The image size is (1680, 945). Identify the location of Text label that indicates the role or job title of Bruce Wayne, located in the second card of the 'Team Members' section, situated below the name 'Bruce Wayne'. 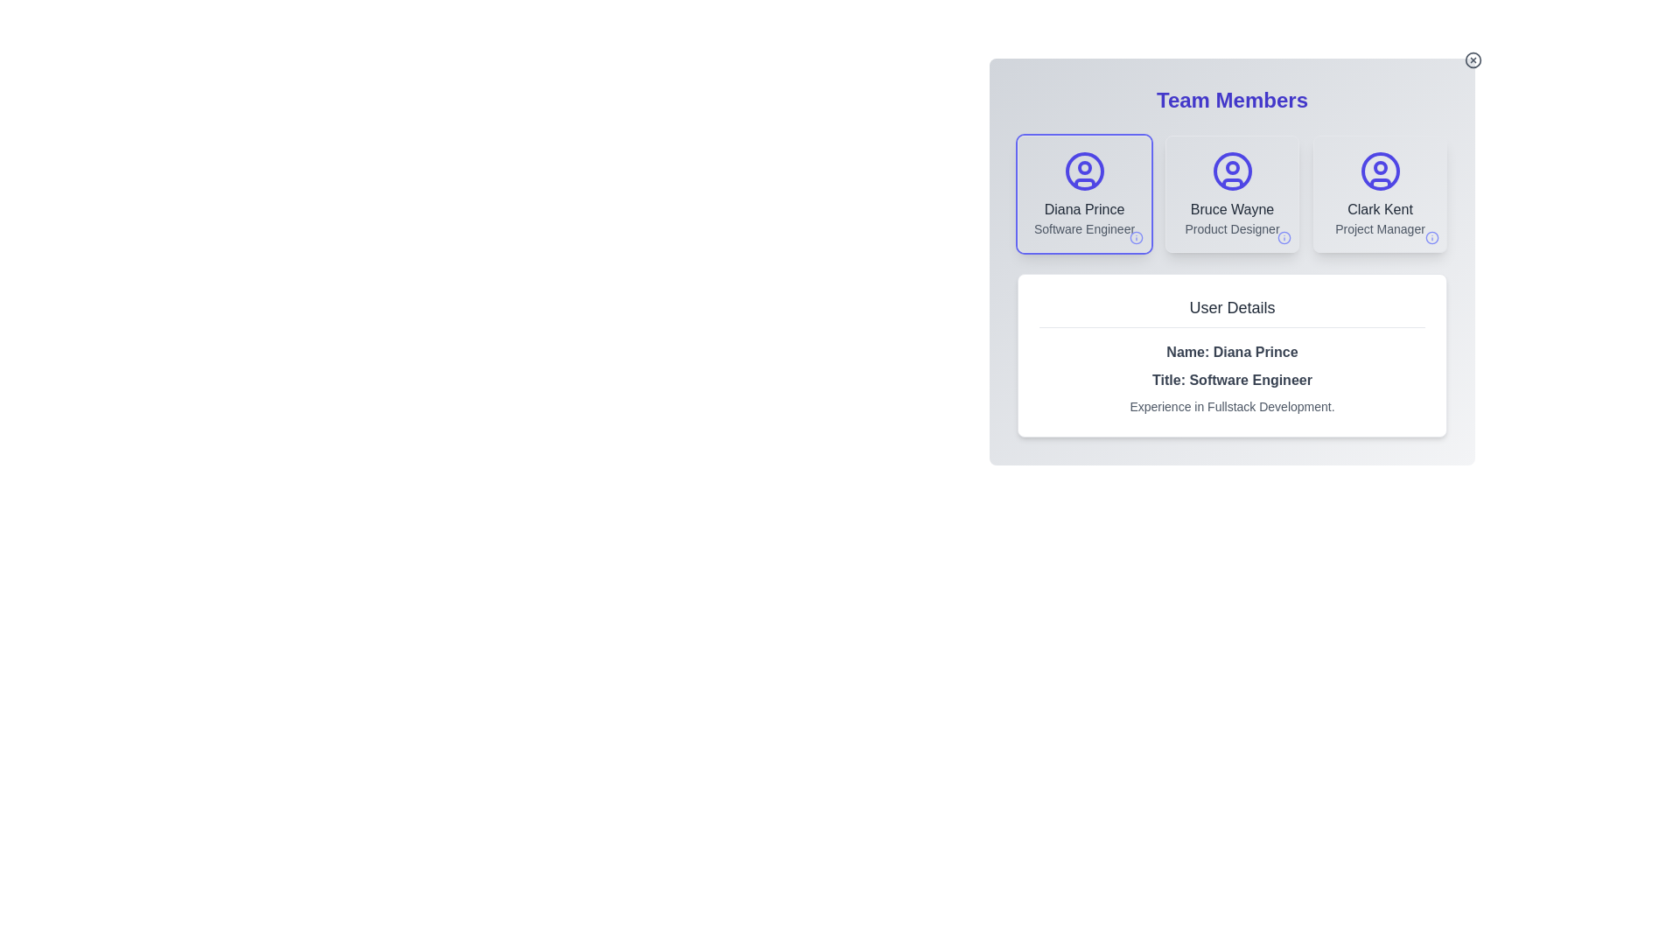
(1231, 228).